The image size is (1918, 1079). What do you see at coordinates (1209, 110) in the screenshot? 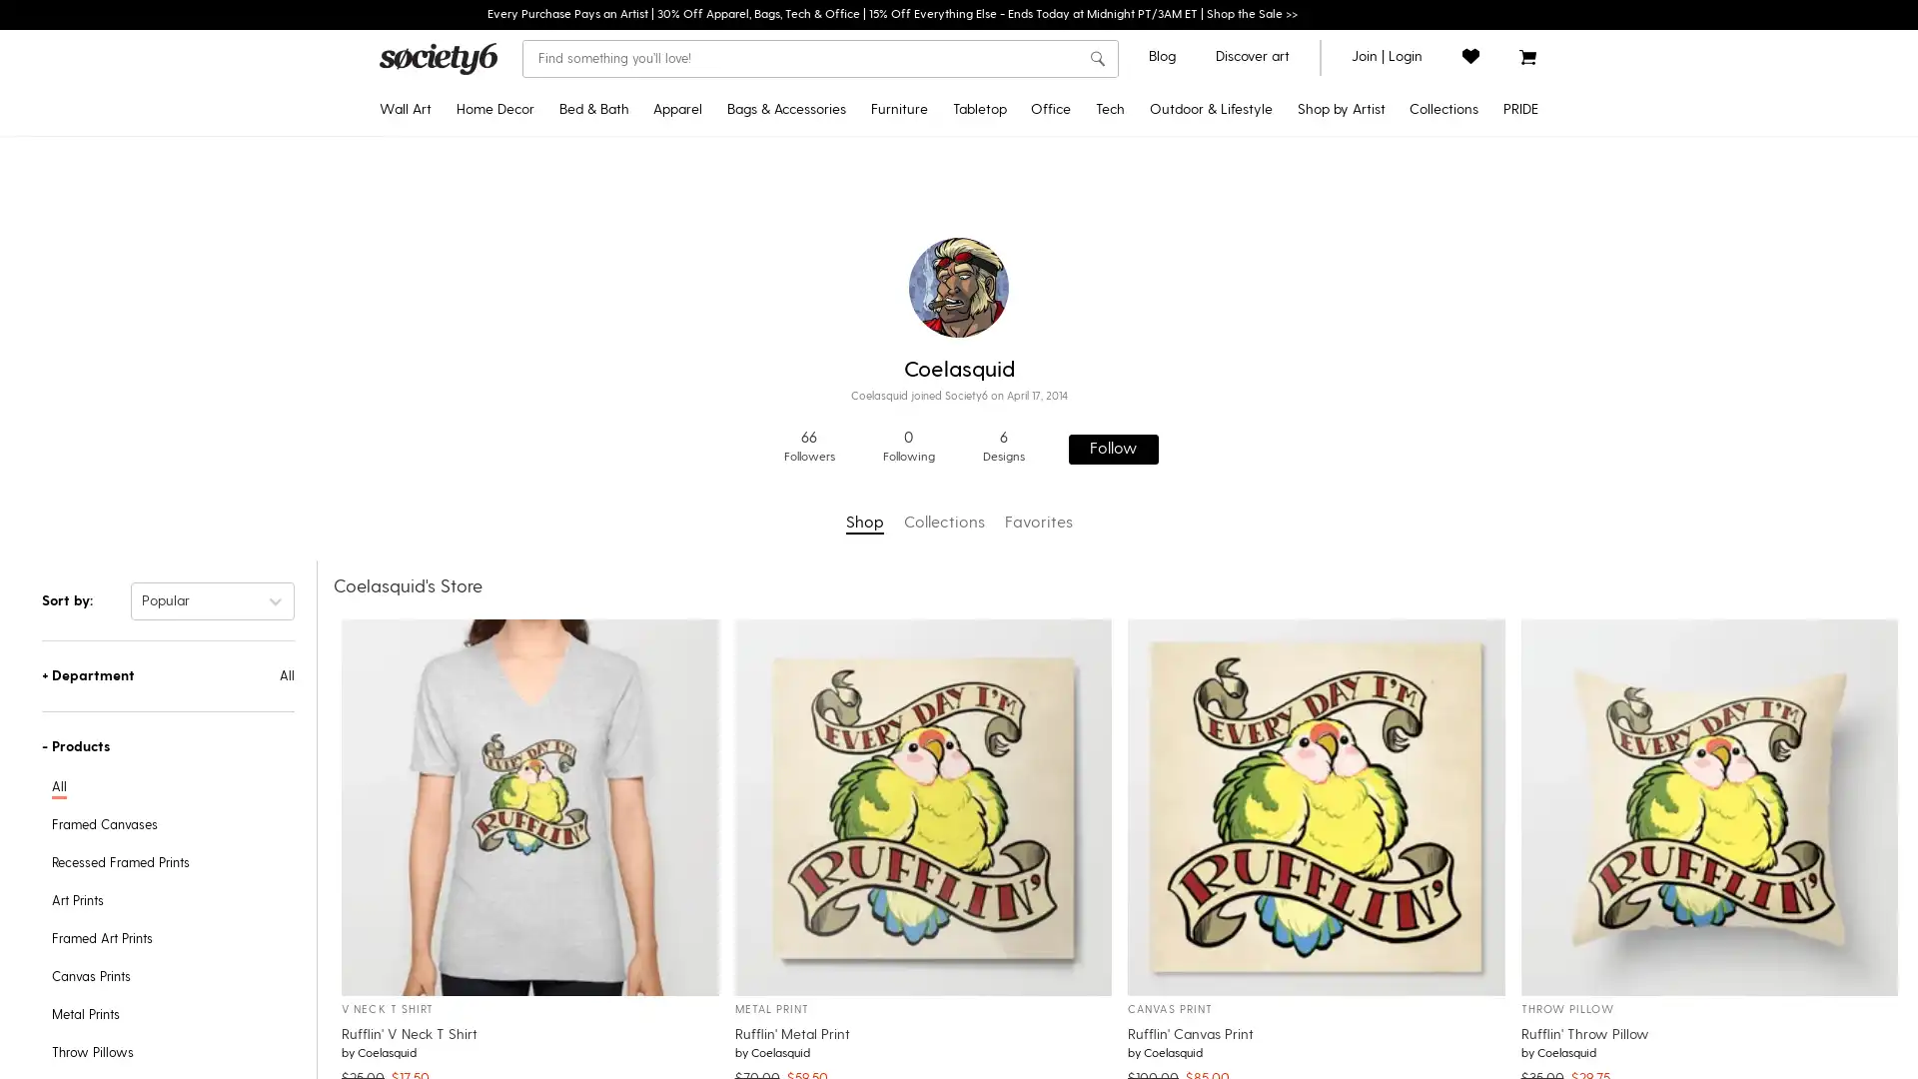
I see `Outdoor & Lifestyle` at bounding box center [1209, 110].